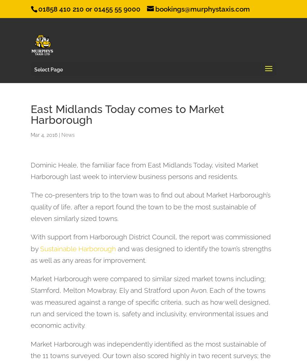 This screenshot has height=361, width=307. What do you see at coordinates (31, 170) in the screenshot?
I see `'Dominic Heale, the familiar face from East Midlands Today, visited Market Harborough last week to interview business persons and residents.'` at bounding box center [31, 170].